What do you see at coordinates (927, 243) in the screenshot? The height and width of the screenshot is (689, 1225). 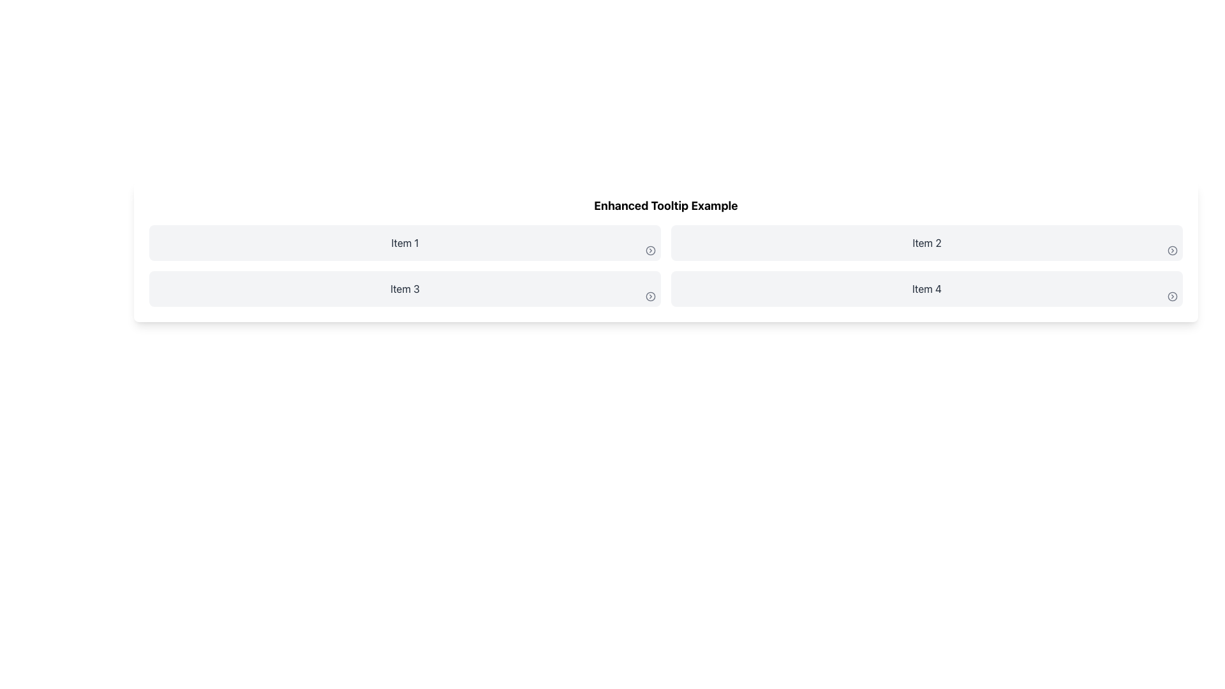 I see `to interact with the second card in the grid layout, which has a light gray background, rounded corners, and contains the text 'Item 2' on the left with a chevron icon on the right` at bounding box center [927, 243].